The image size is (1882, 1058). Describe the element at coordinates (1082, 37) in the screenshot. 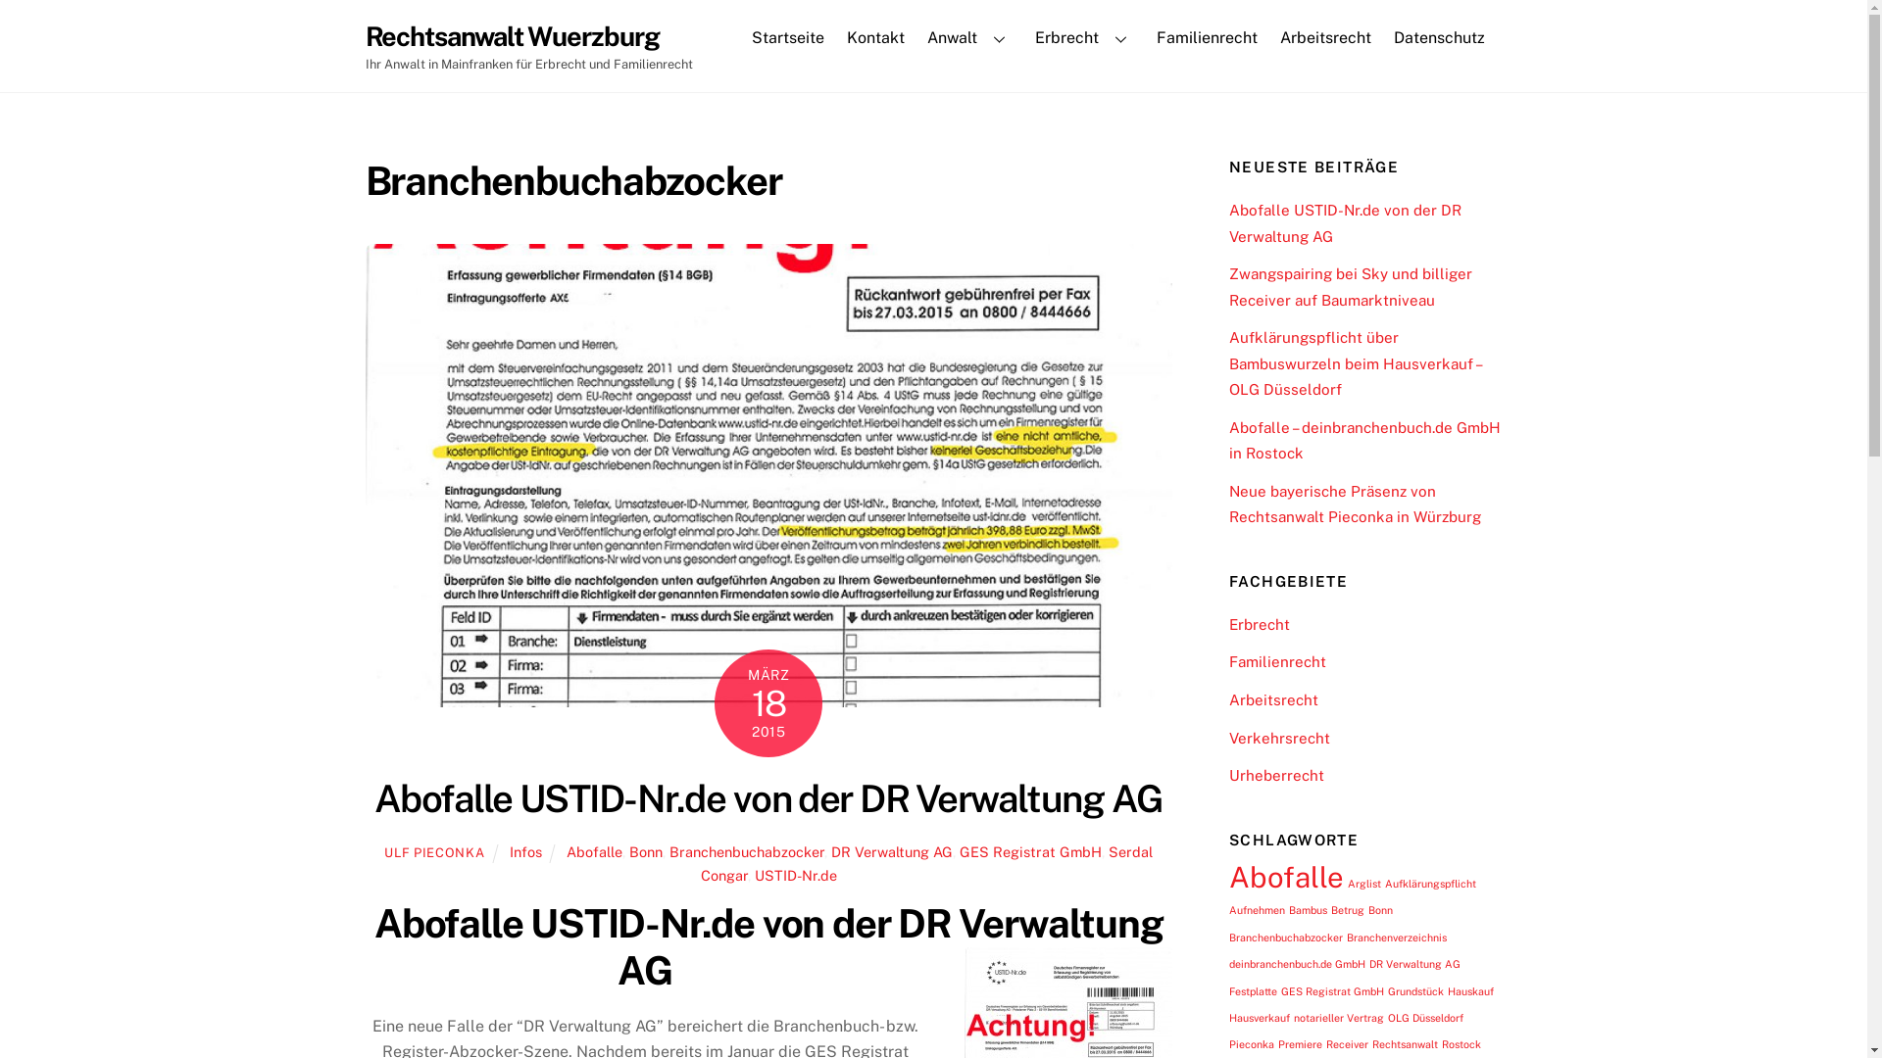

I see `'Erbrecht'` at that location.